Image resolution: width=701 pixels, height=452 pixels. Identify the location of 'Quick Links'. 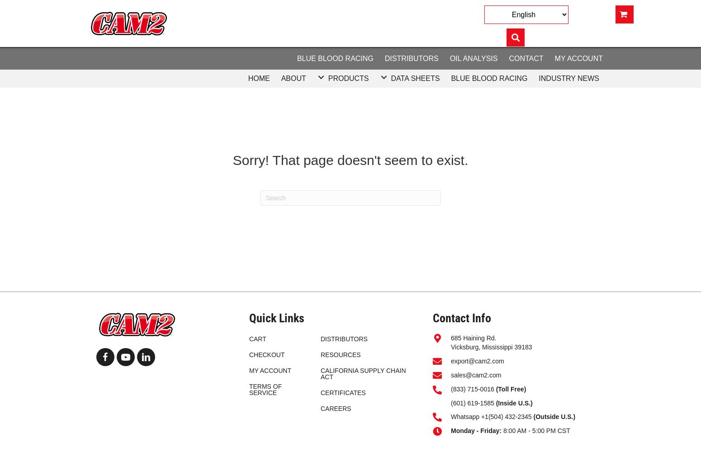
(276, 317).